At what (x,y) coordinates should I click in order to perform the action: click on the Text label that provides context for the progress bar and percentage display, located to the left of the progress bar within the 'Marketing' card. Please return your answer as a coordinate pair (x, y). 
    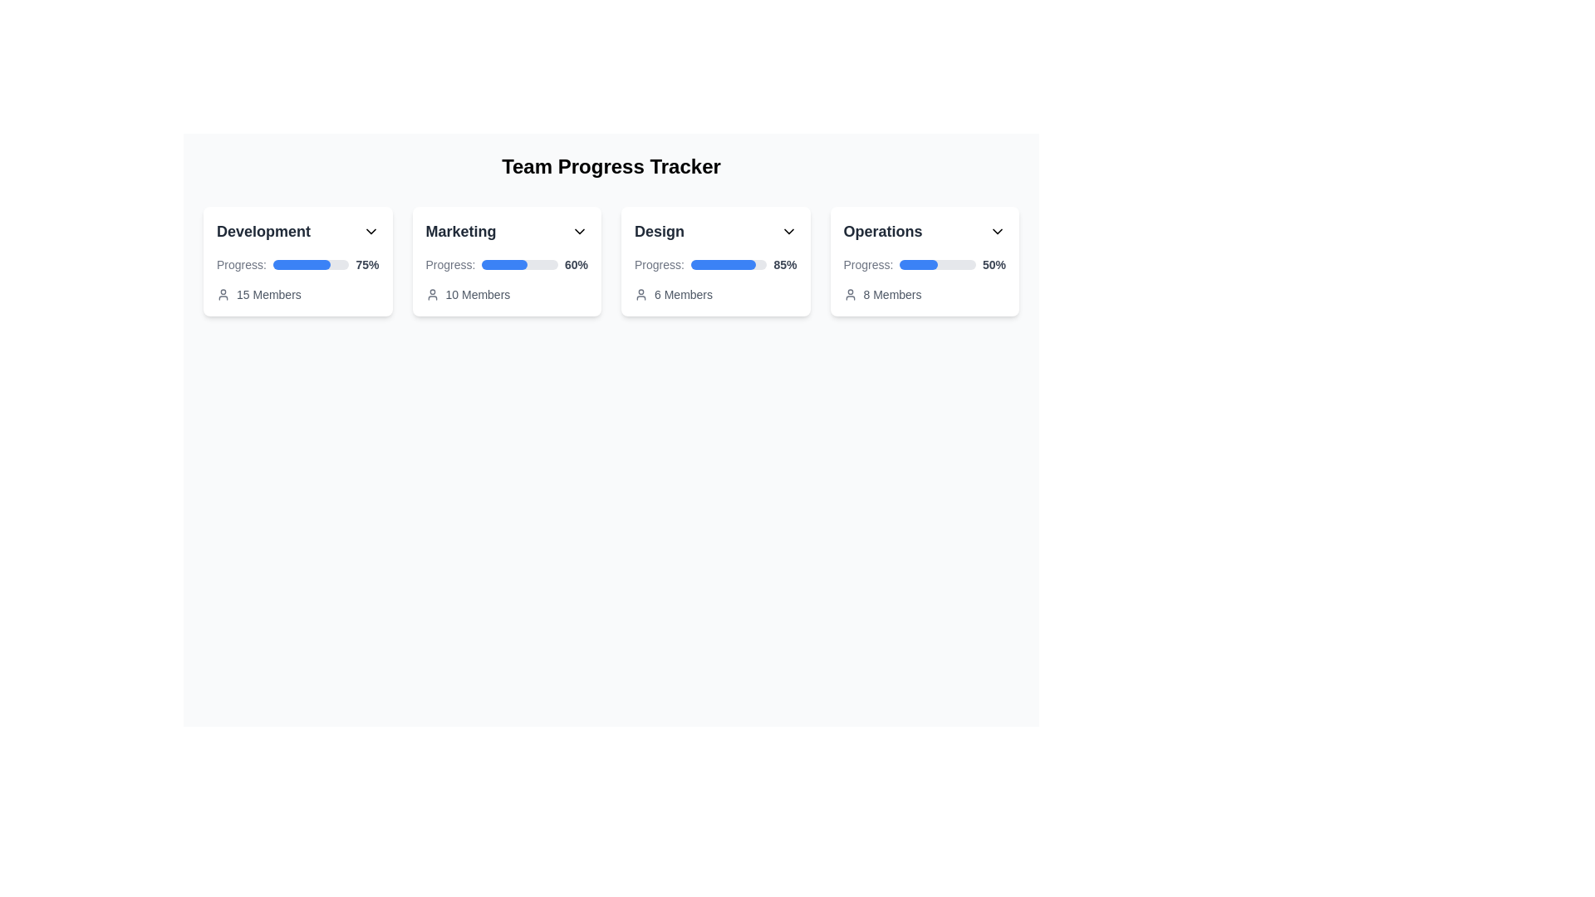
    Looking at the image, I should click on (450, 264).